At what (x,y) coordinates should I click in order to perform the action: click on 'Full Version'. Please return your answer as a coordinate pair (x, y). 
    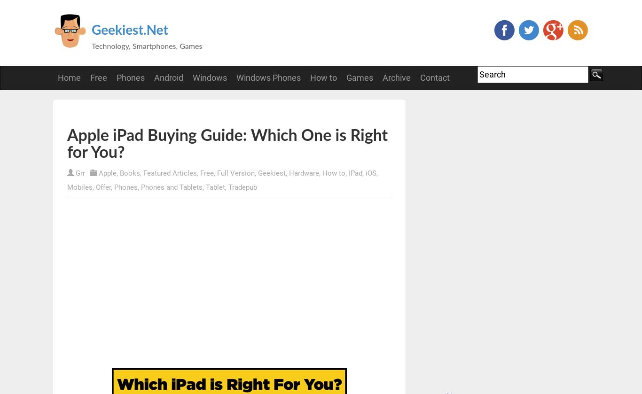
    Looking at the image, I should click on (217, 173).